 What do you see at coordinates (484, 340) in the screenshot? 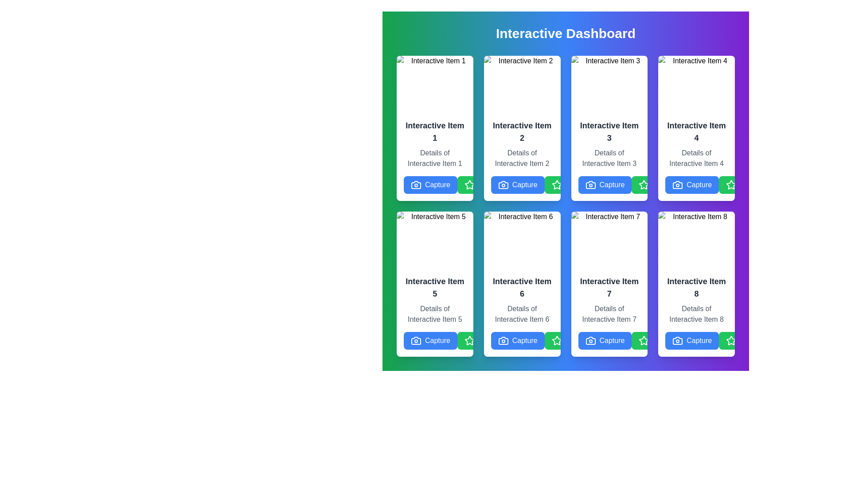
I see `the green 'Favorite' button with a white star icon for possible reordering` at bounding box center [484, 340].